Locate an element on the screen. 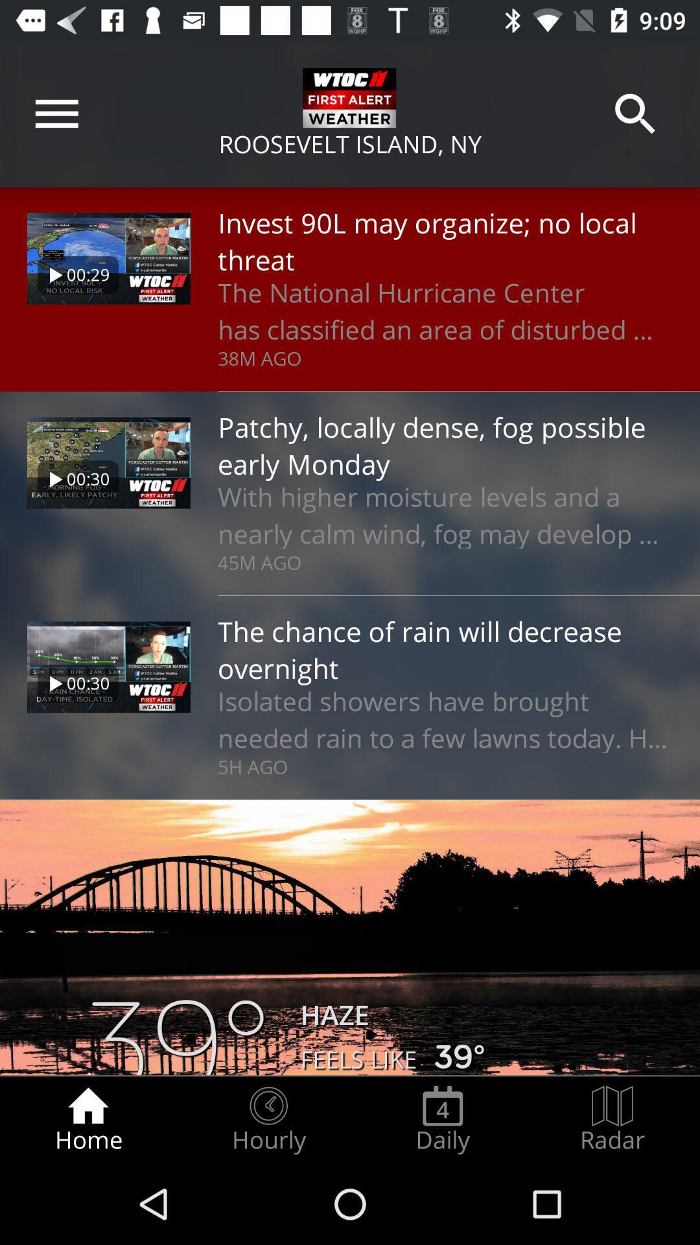  the radio button to the right of the hourly is located at coordinates (442, 1119).